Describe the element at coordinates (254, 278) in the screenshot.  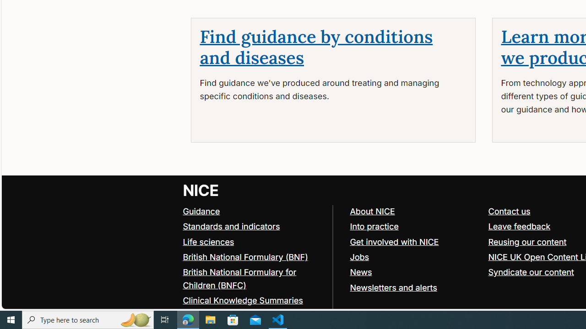
I see `'British National Formulary for Children (BNFC)'` at that location.